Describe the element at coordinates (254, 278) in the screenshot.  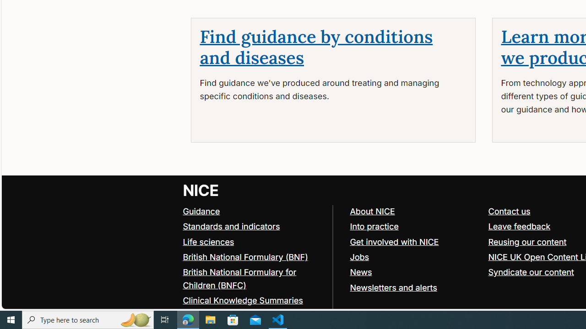
I see `'British National Formulary for Children (BNFC)'` at that location.